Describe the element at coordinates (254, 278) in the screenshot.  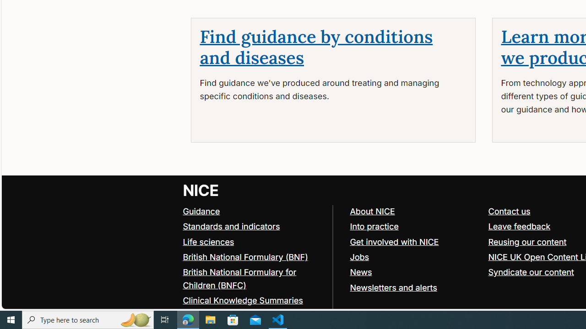
I see `'British National Formulary for Children (BNFC)'` at that location.